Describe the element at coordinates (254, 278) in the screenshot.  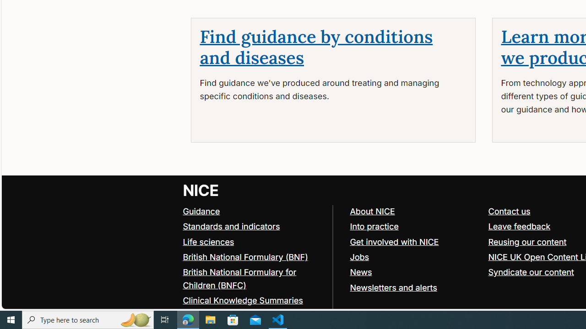
I see `'British National Formulary for Children (BNFC)'` at that location.